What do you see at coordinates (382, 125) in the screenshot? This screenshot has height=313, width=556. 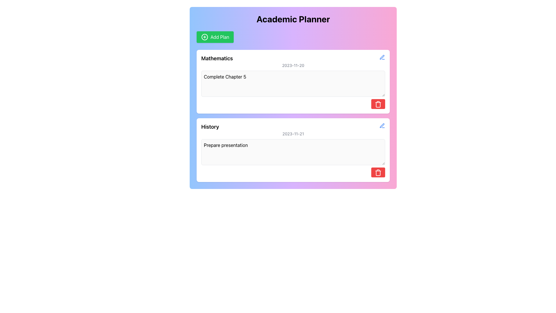 I see `the edit button located in the top-right corner of the 'History' section to initiate editing` at bounding box center [382, 125].